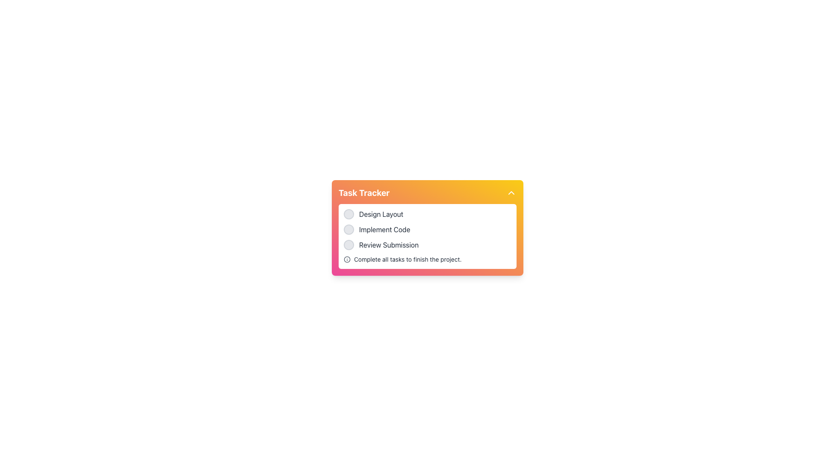  Describe the element at coordinates (349, 229) in the screenshot. I see `the interactive checkbox` at that location.